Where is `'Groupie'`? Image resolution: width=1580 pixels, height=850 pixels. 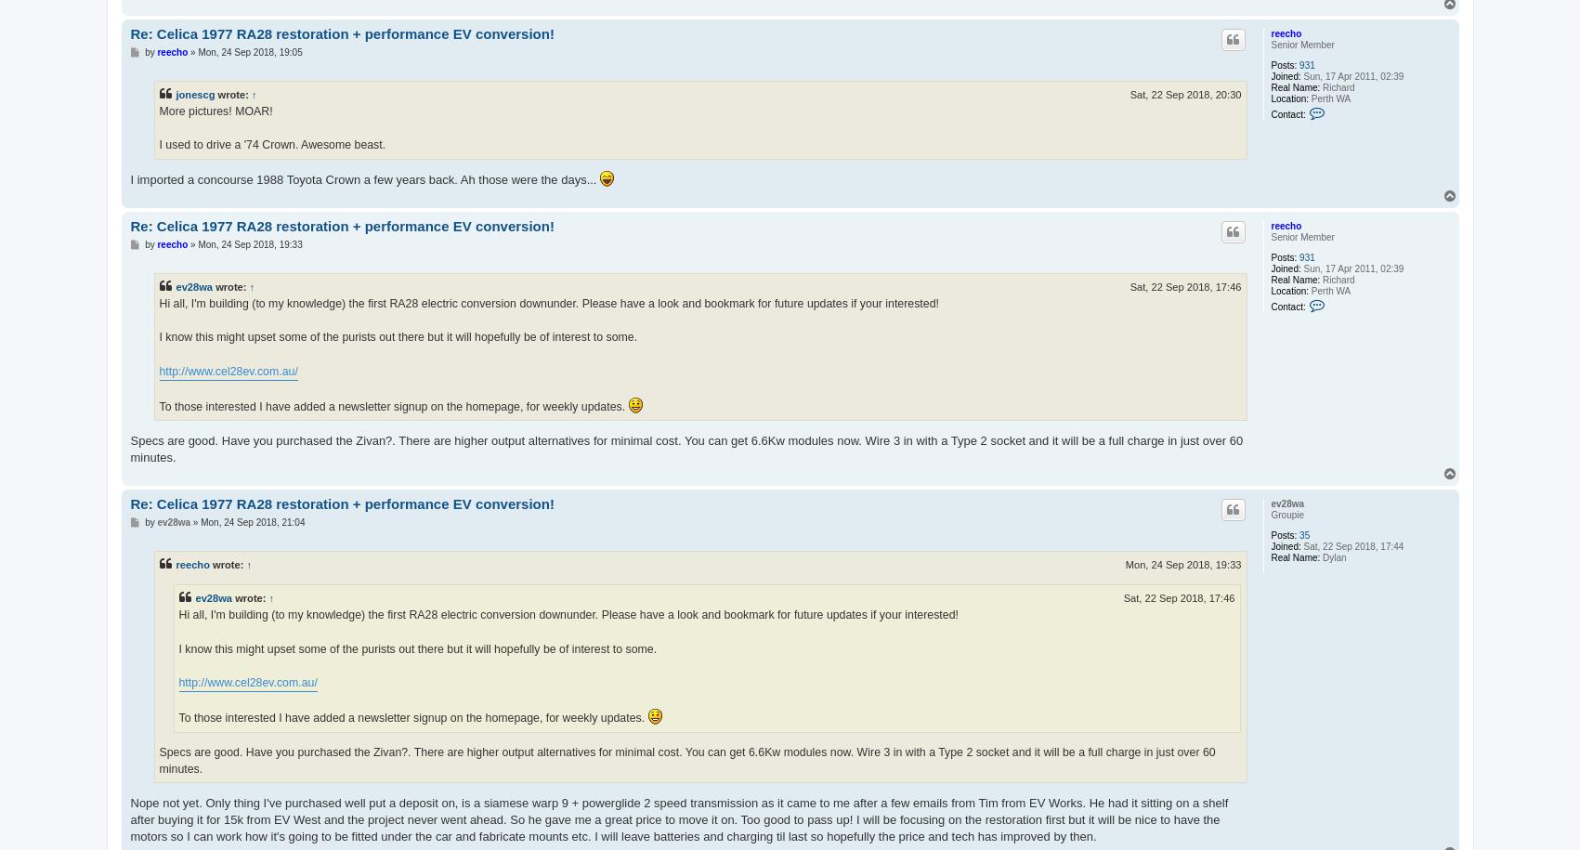 'Groupie' is located at coordinates (1286, 514).